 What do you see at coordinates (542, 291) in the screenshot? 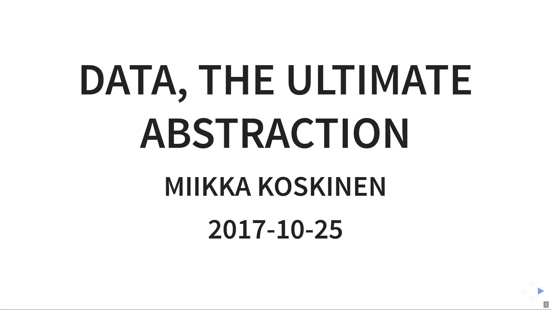
I see `next slide` at bounding box center [542, 291].